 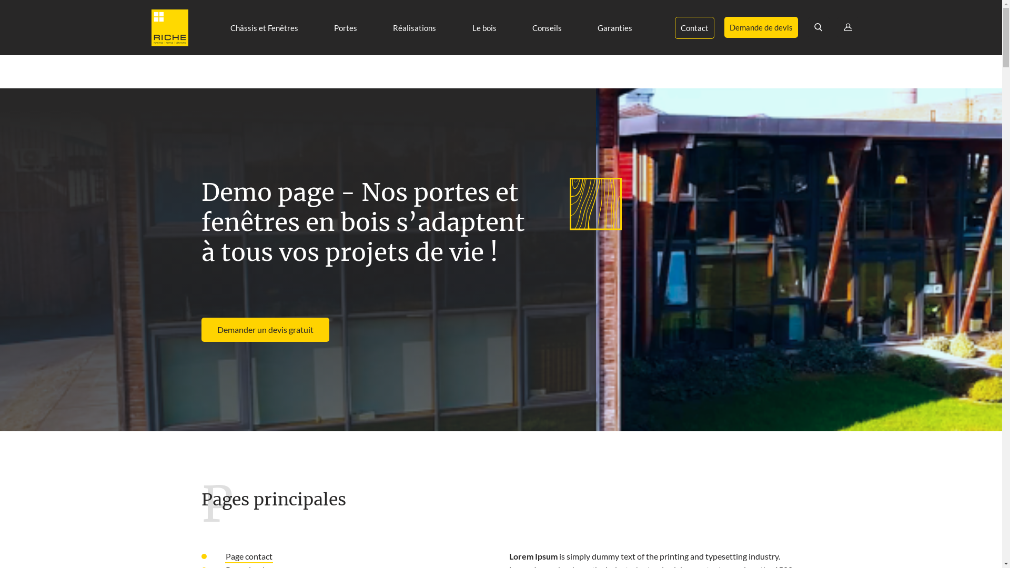 What do you see at coordinates (848, 27) in the screenshot?
I see `'User'` at bounding box center [848, 27].